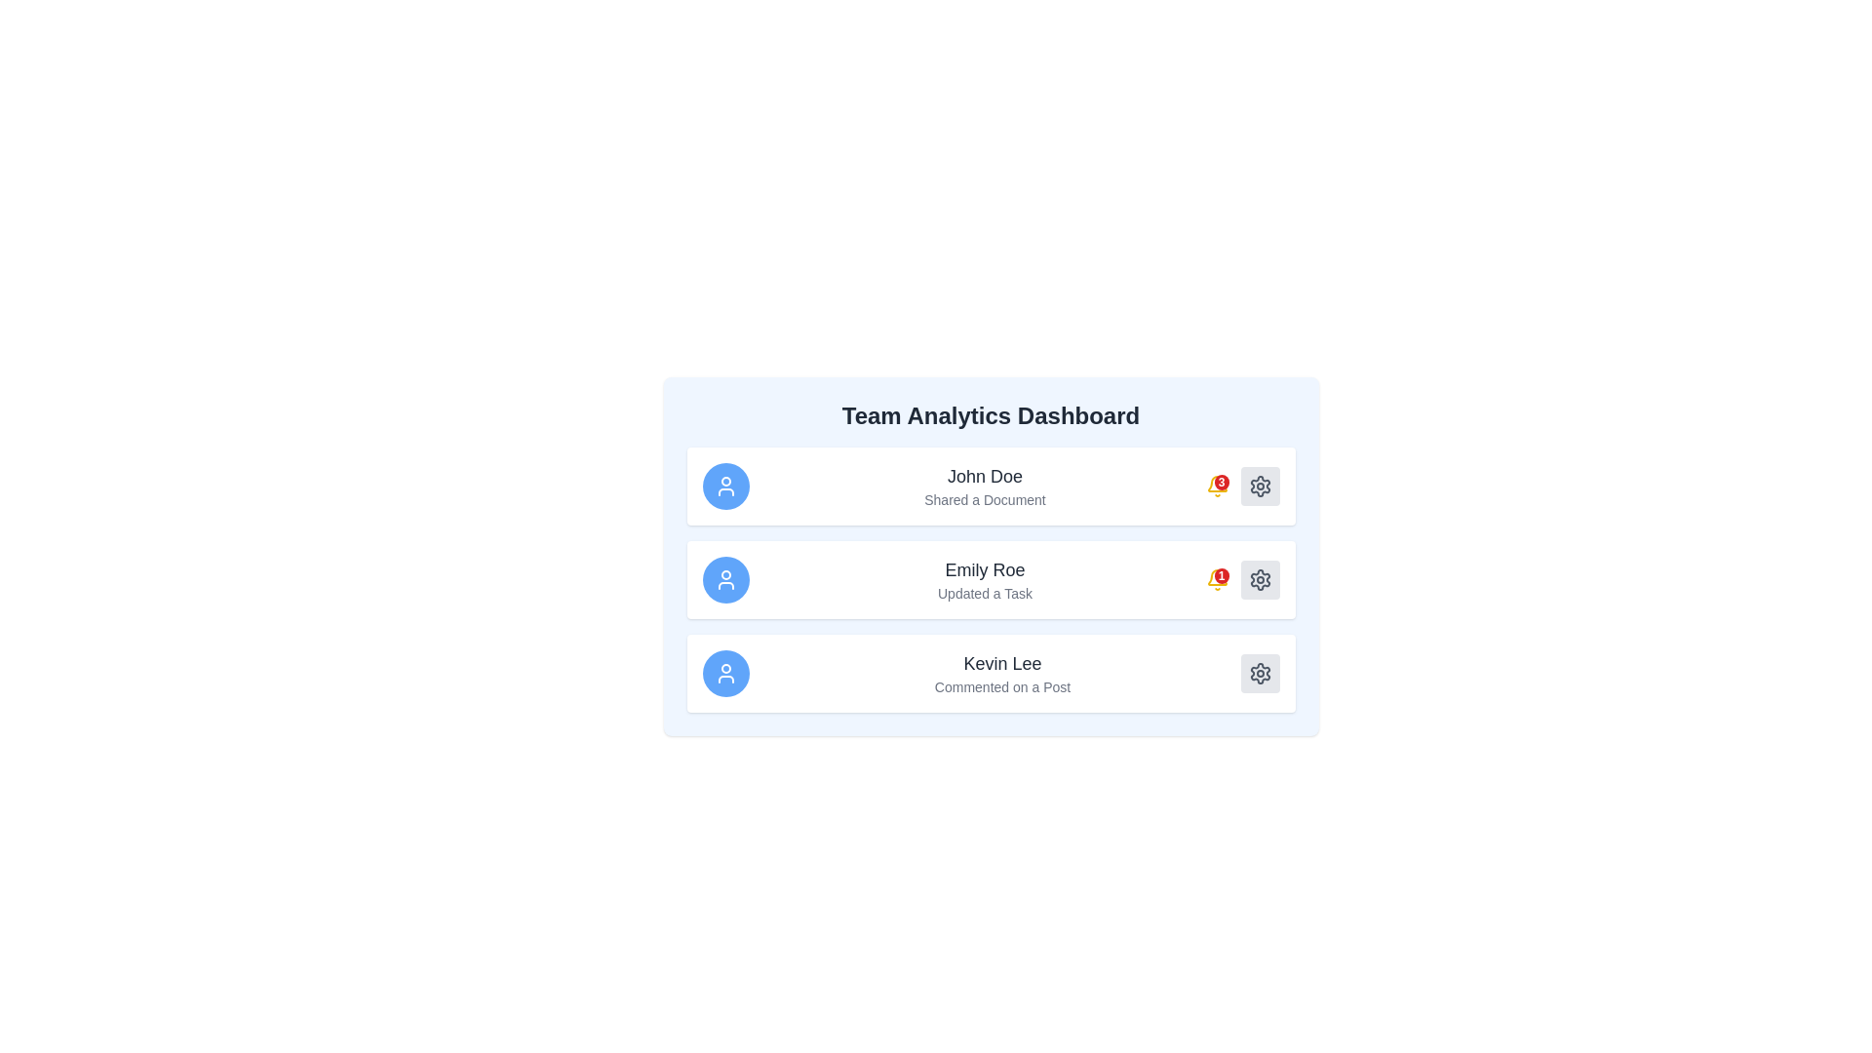 The image size is (1872, 1053). I want to click on text label providing additional information about the action or status related to the user 'Kevin Lee', located under the text 'Kevin Lee' within the third entry of a vertically stacked list, so click(1002, 686).